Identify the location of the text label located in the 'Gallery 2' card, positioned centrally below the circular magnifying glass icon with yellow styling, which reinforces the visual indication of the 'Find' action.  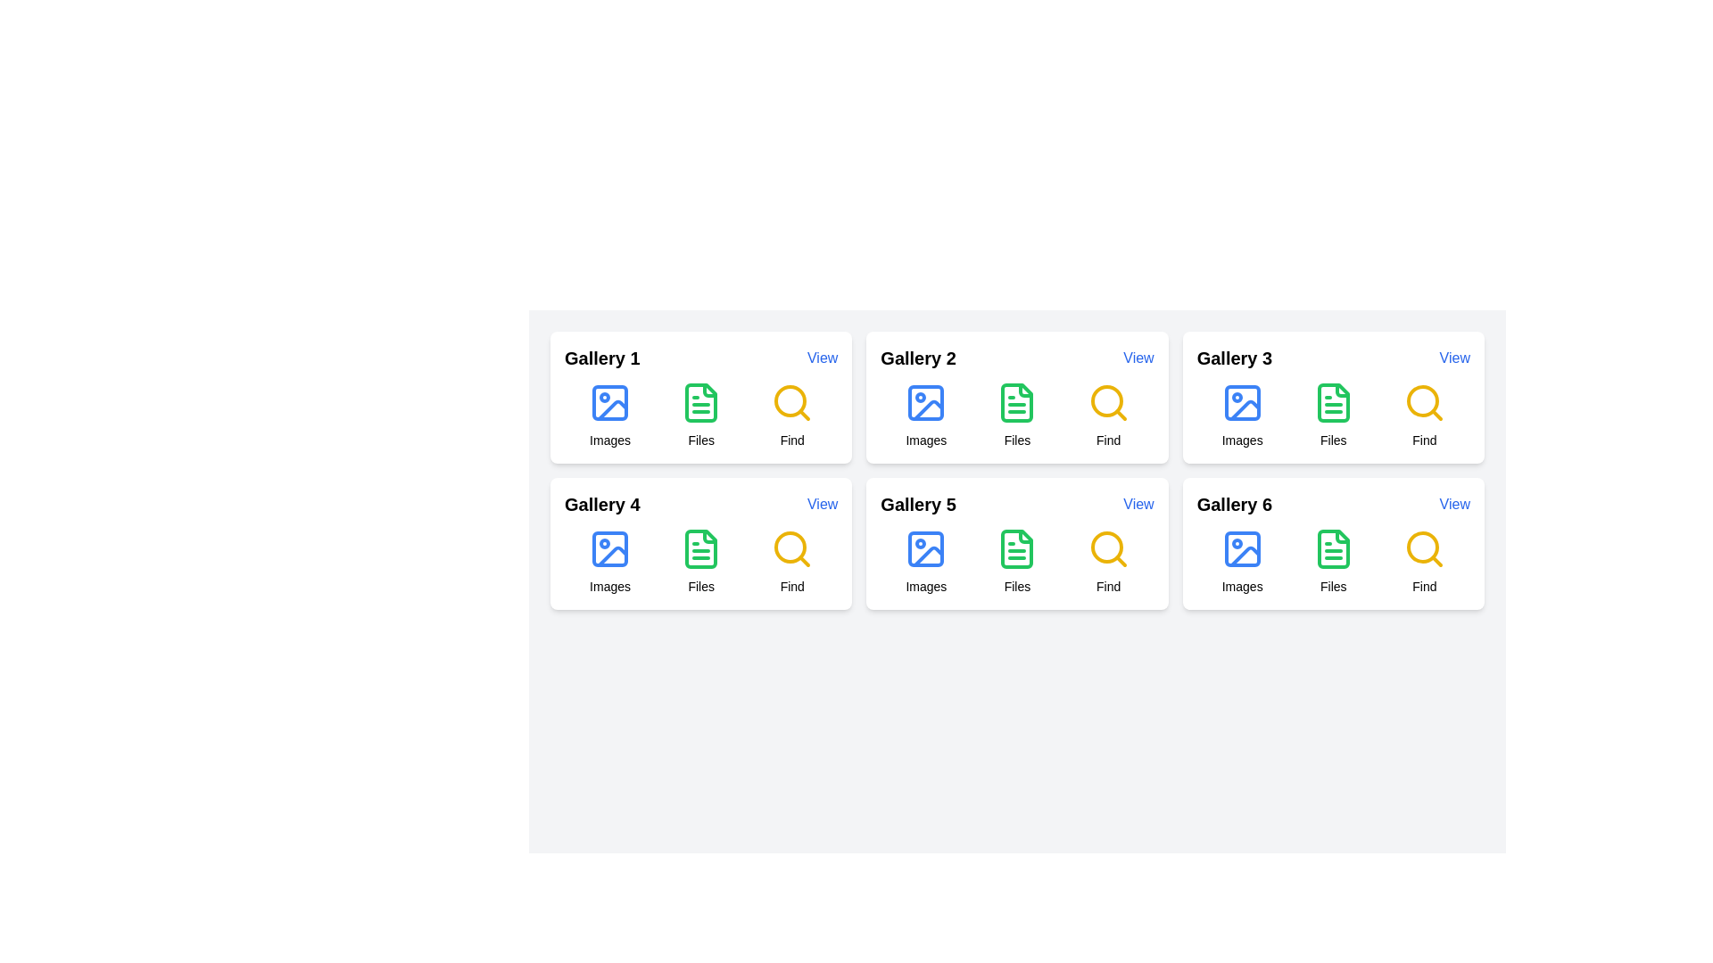
(1107, 440).